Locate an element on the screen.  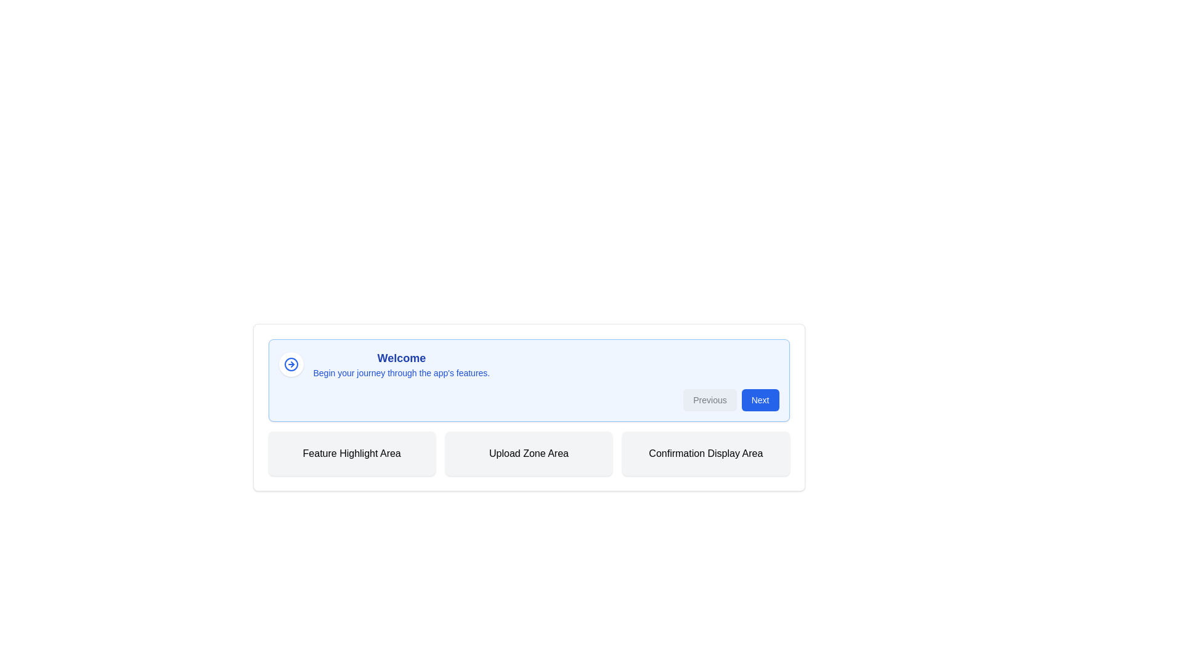
any of the three sections in the horizontally arranged grid layout containing 'Feature Highlight Area', 'Upload Zone Area', and 'Confirmation Display Area' to interact with it is located at coordinates (529, 453).